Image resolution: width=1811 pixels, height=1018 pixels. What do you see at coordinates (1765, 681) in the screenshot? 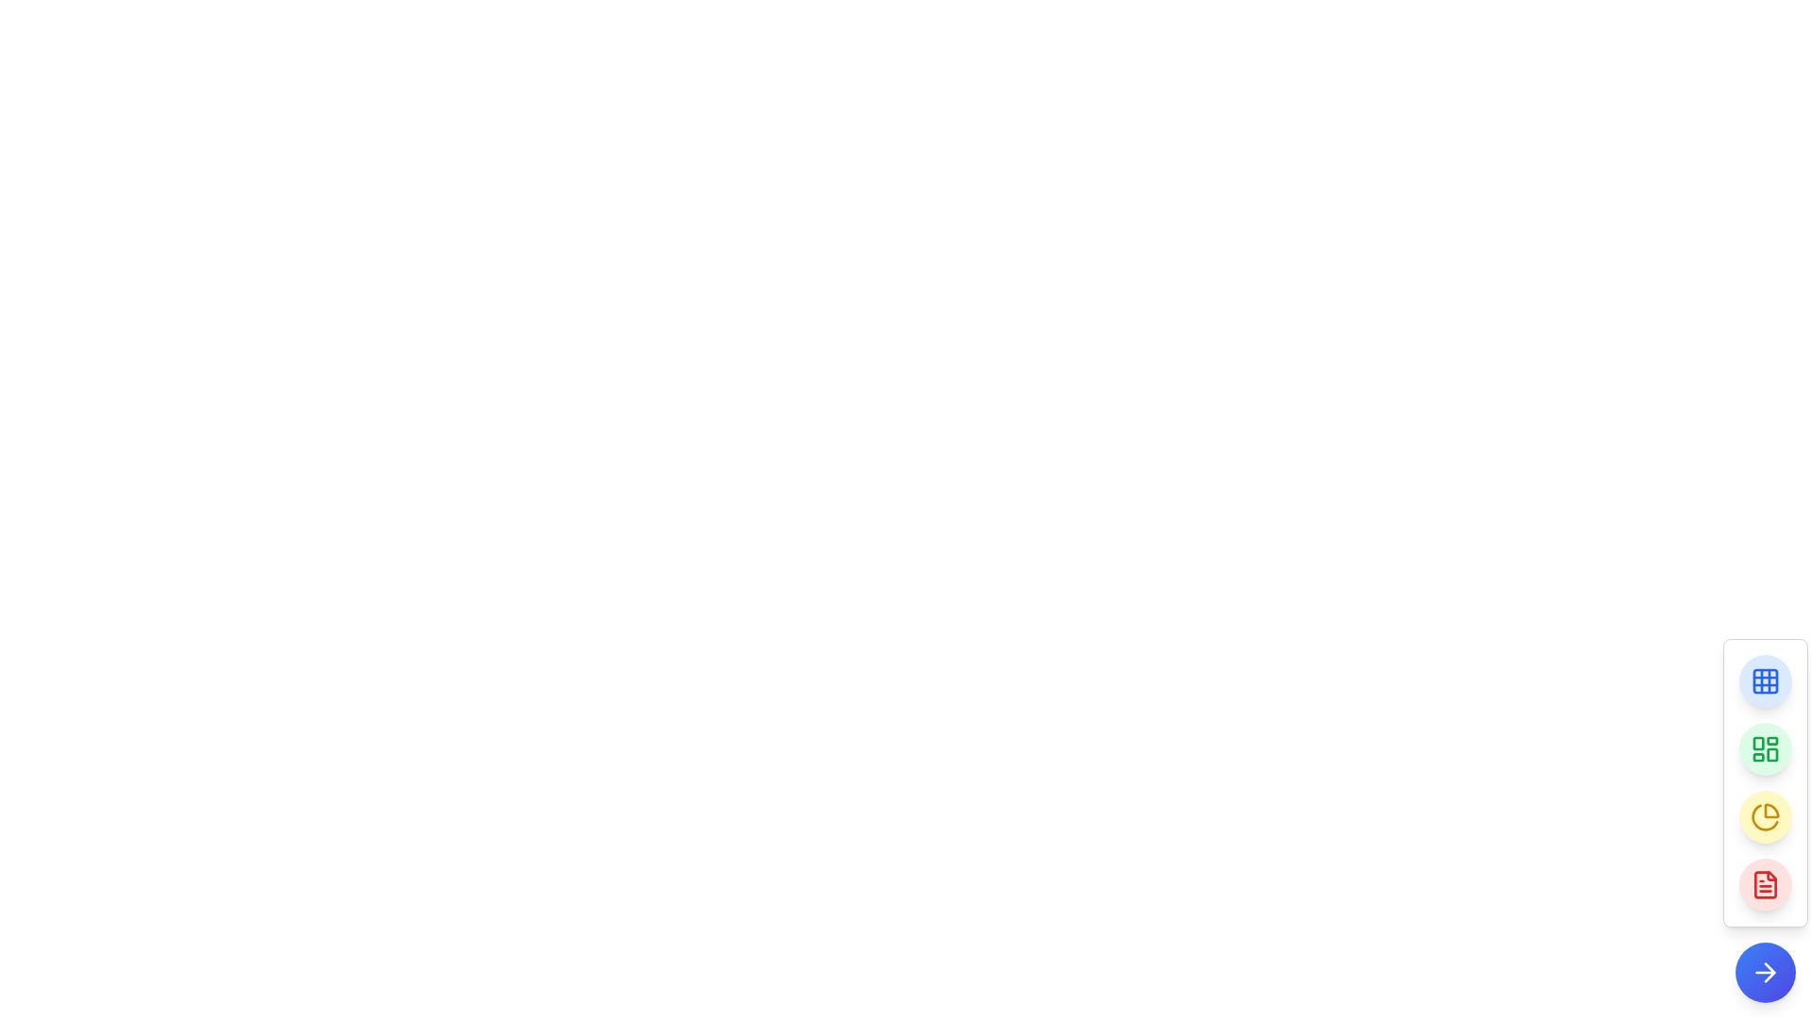
I see `the interactive button for accessing the grid view` at bounding box center [1765, 681].